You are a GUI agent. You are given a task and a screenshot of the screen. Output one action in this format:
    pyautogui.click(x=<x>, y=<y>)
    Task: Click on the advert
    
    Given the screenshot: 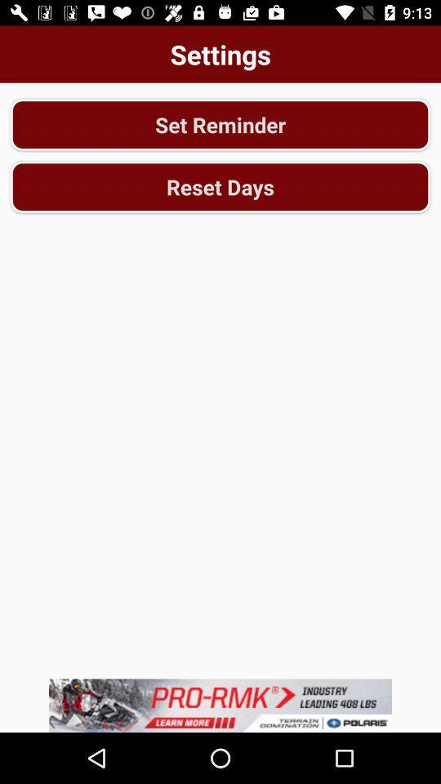 What is the action you would take?
    pyautogui.click(x=220, y=705)
    